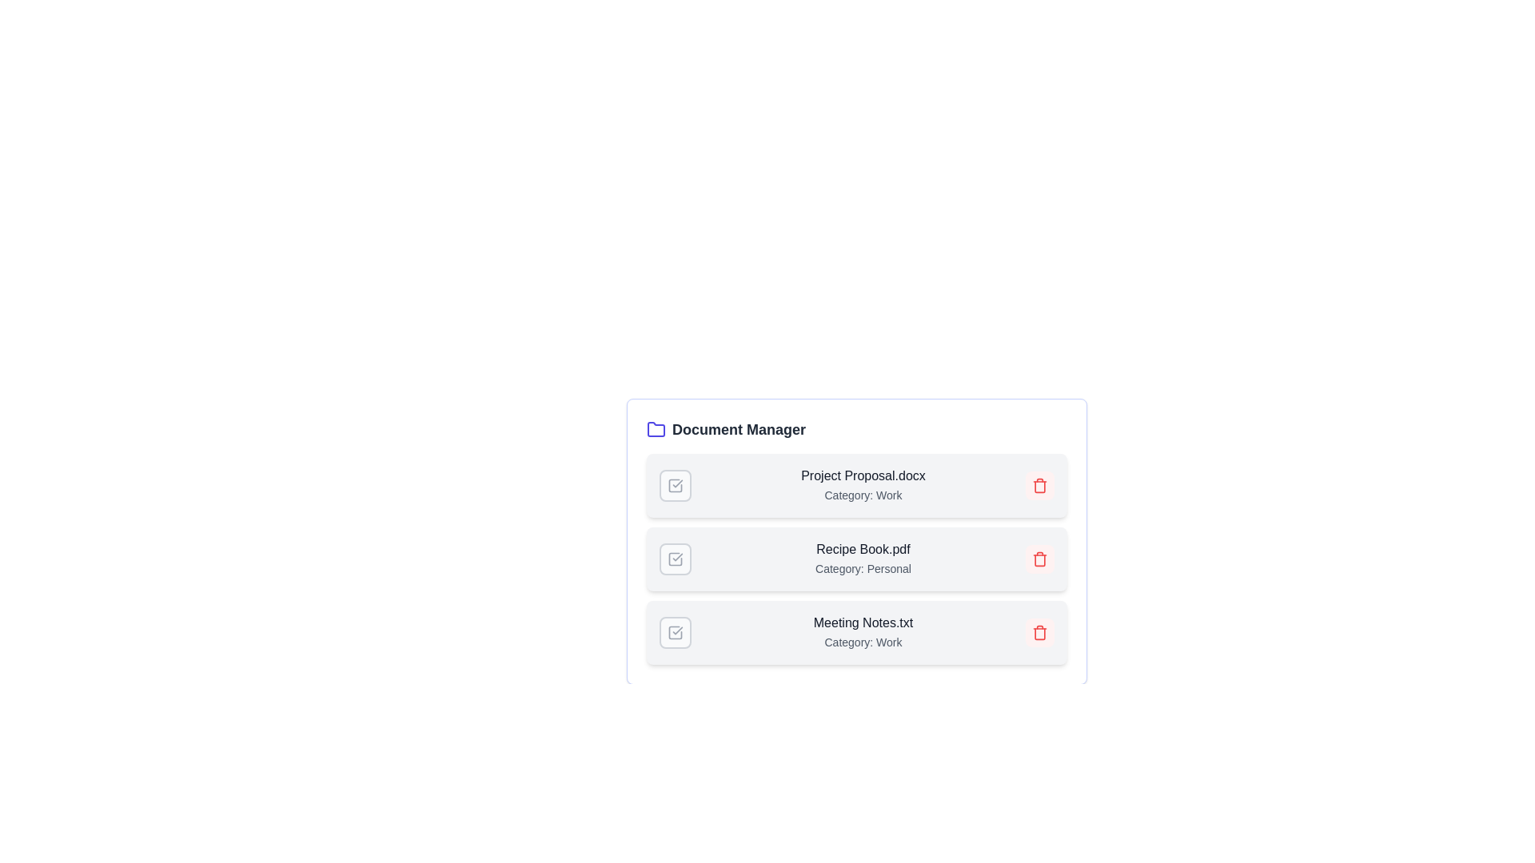 Image resolution: width=1535 pixels, height=863 pixels. I want to click on the categorization text label located beneath the 'Recipe Book.pdf' label in the document list, so click(863, 568).